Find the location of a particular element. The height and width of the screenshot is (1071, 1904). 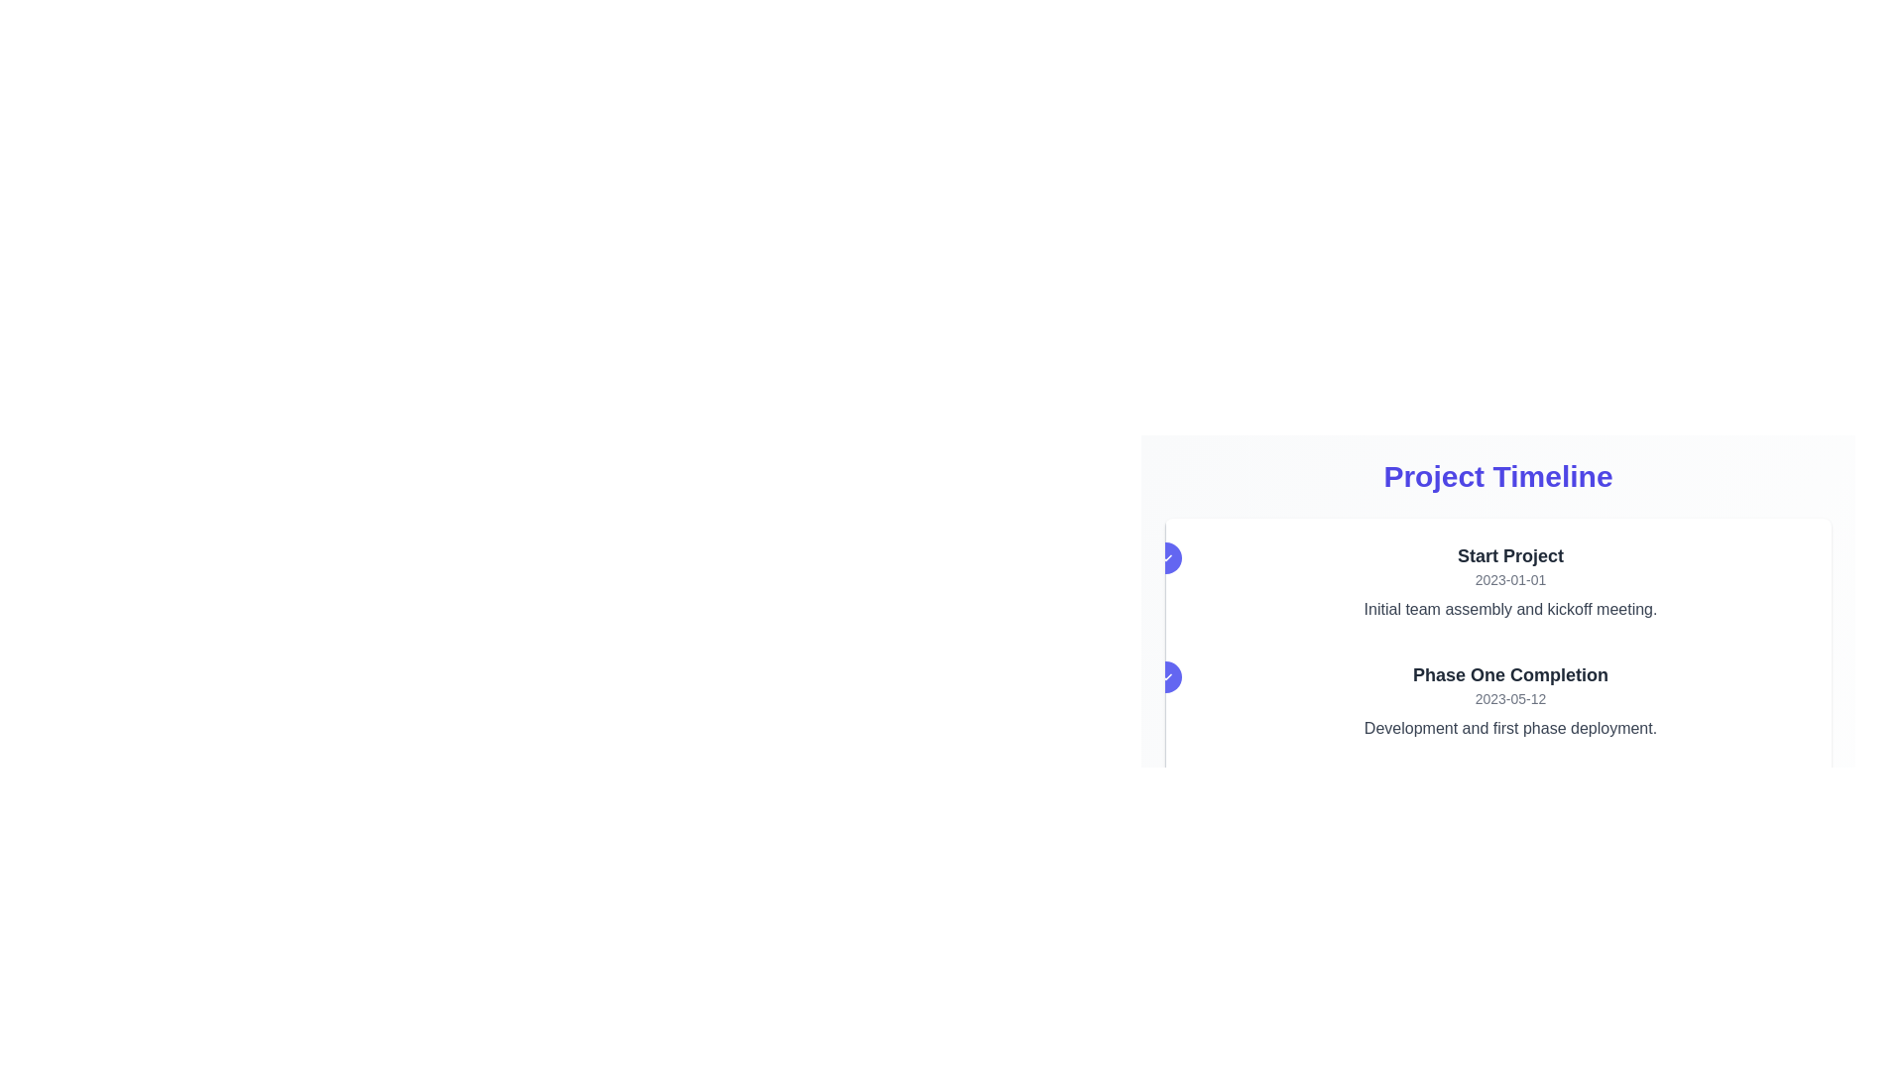

the decorative button indicator located on the left side of the timeline entry labeled 'Start Project', positioned before the text block containing '2023-01-01' and 'Initial team assembly and kickoff meeting' is located at coordinates (1166, 558).